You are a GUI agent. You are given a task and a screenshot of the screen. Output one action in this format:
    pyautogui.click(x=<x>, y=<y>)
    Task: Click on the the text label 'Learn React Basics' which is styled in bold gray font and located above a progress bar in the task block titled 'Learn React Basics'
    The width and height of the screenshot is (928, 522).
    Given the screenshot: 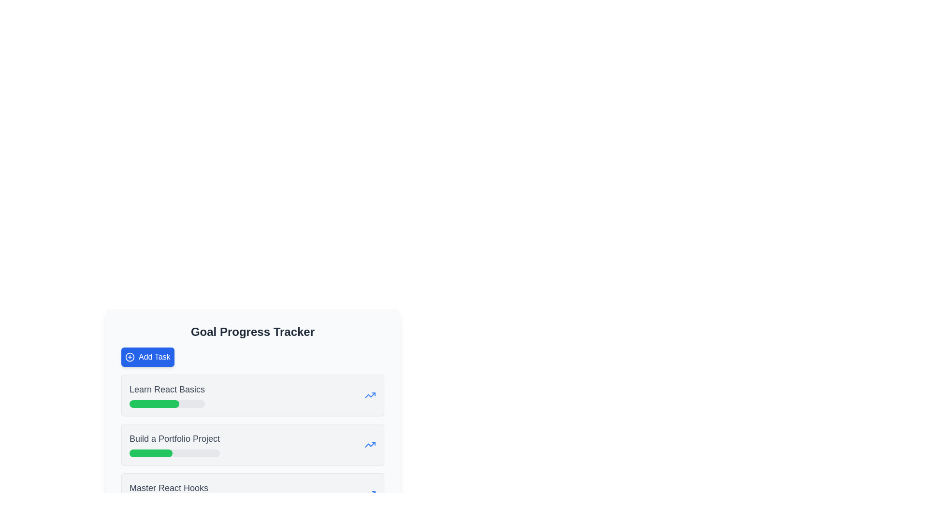 What is the action you would take?
    pyautogui.click(x=167, y=395)
    